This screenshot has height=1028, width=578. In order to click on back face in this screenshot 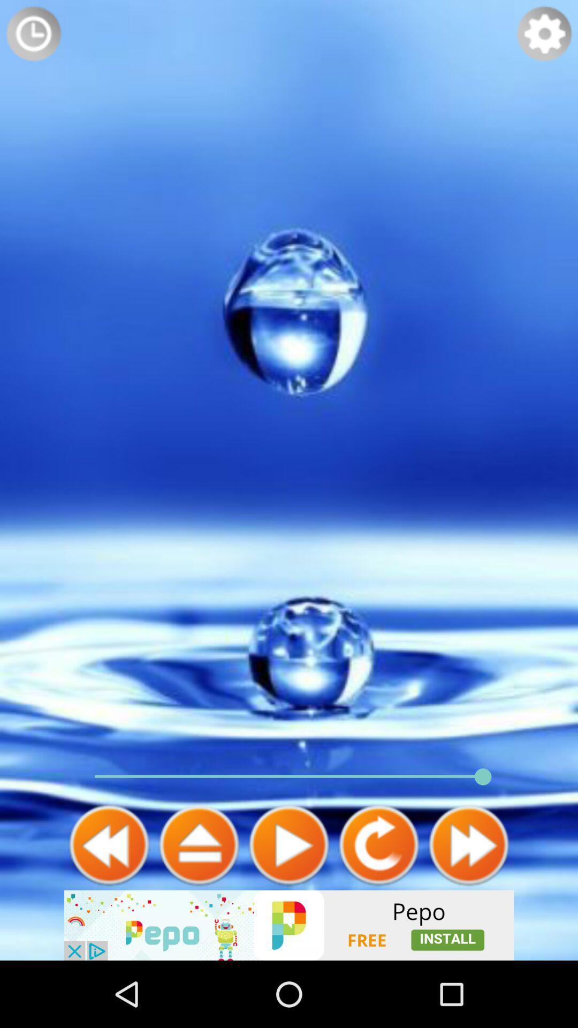, I will do `click(109, 844)`.